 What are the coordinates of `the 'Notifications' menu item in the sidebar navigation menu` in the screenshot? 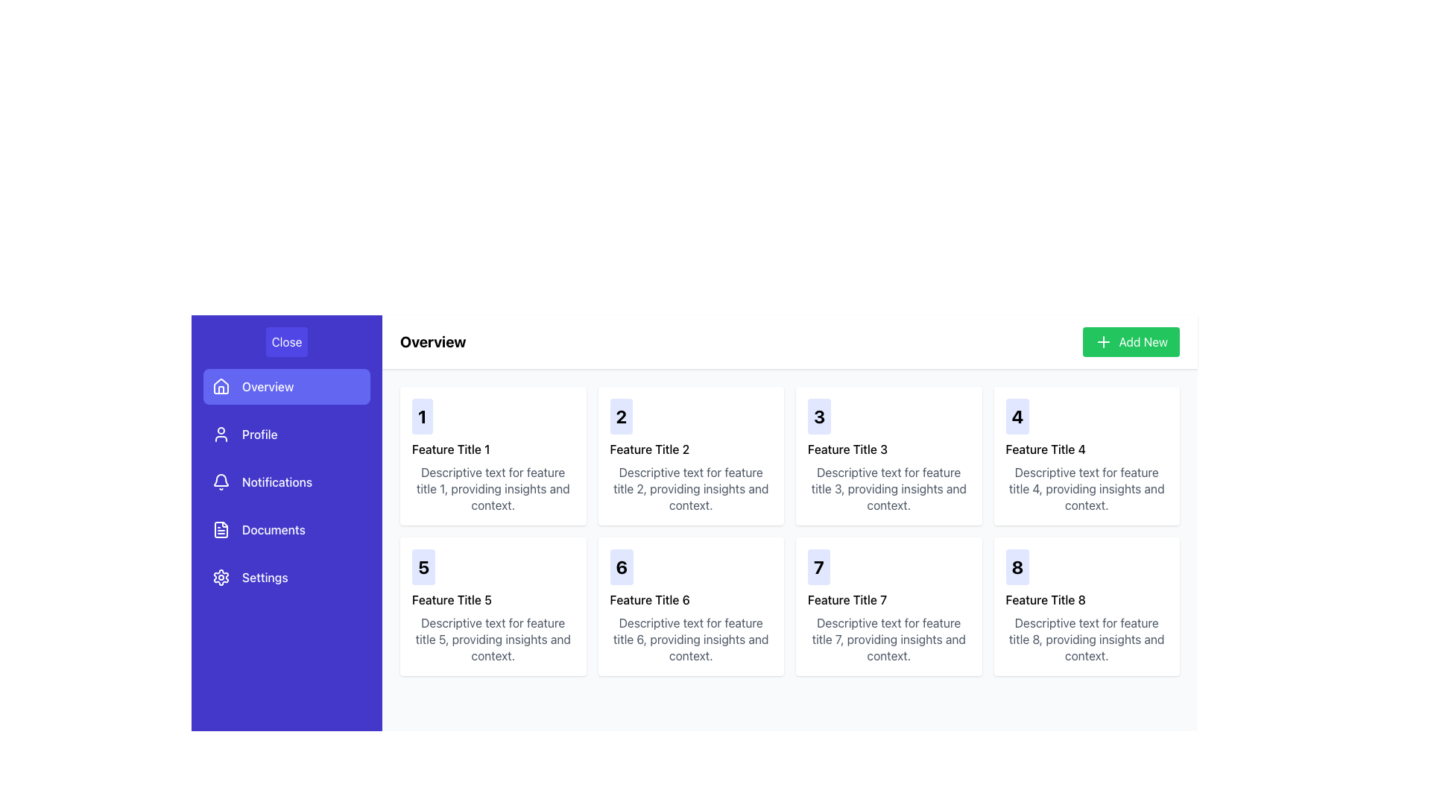 It's located at (286, 482).